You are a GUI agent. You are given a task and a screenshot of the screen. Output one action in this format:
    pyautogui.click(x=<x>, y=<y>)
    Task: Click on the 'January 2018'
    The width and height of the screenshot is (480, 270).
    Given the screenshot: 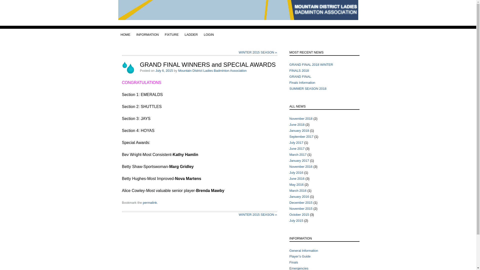 What is the action you would take?
    pyautogui.click(x=299, y=130)
    